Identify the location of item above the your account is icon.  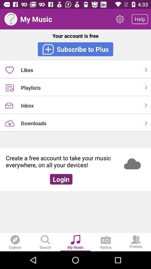
(119, 19).